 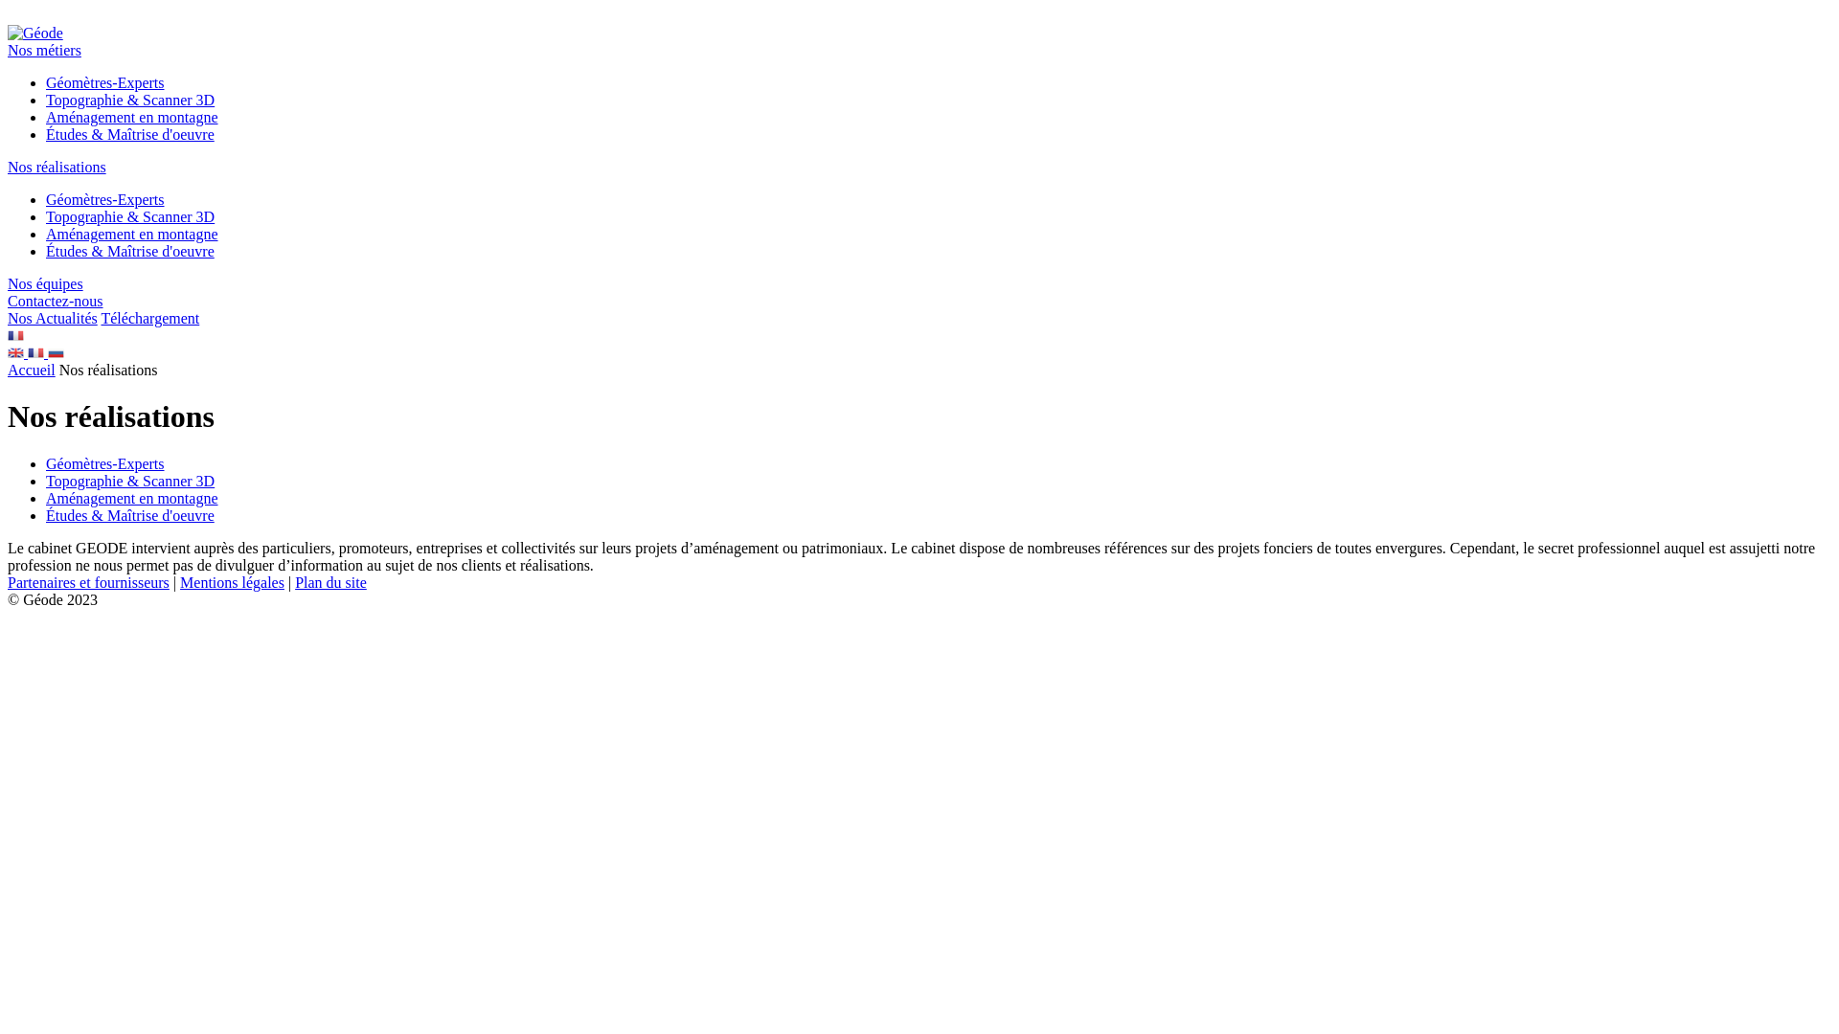 I want to click on 'Partenaires et fournisseurs', so click(x=8, y=581).